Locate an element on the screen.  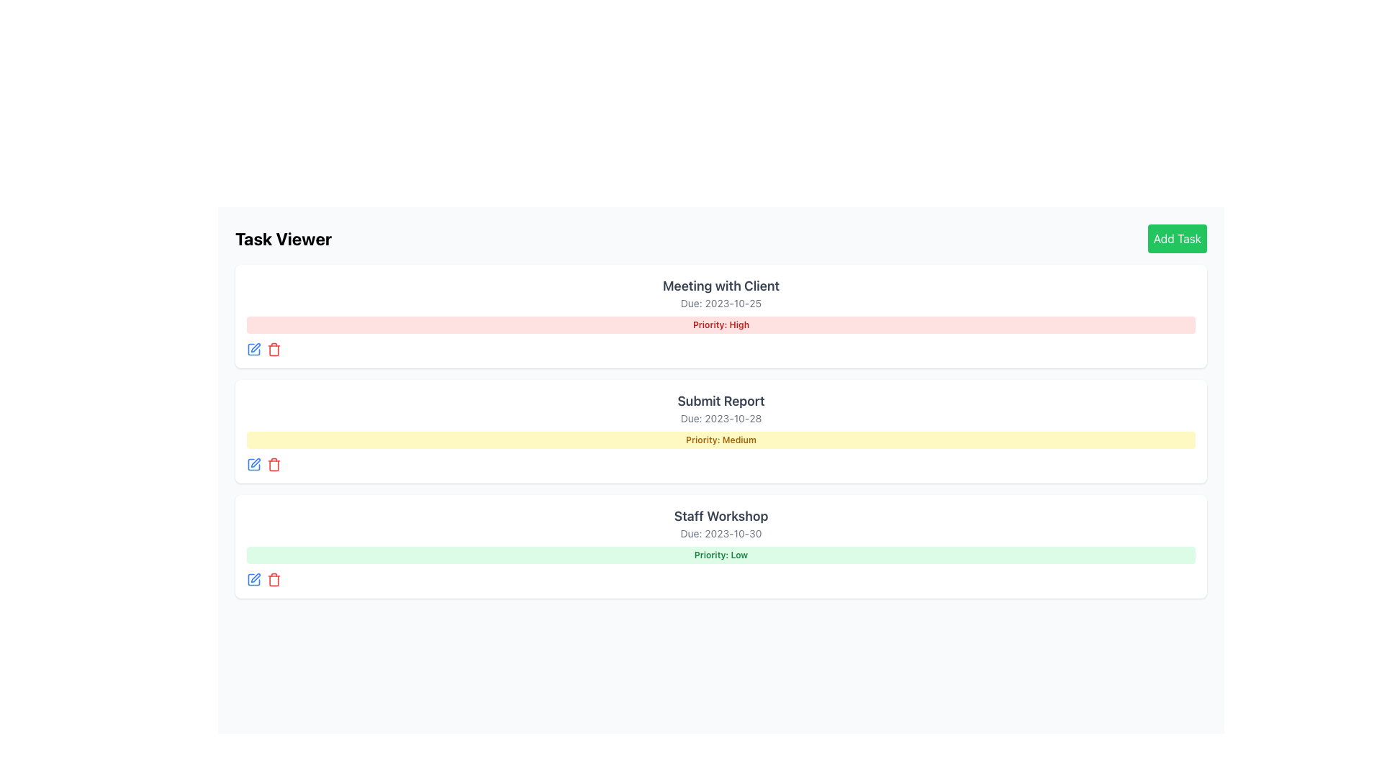
text from the bold, gray-colored heading 'Staff Workshop' located at the top of the third task card is located at coordinates (721, 515).